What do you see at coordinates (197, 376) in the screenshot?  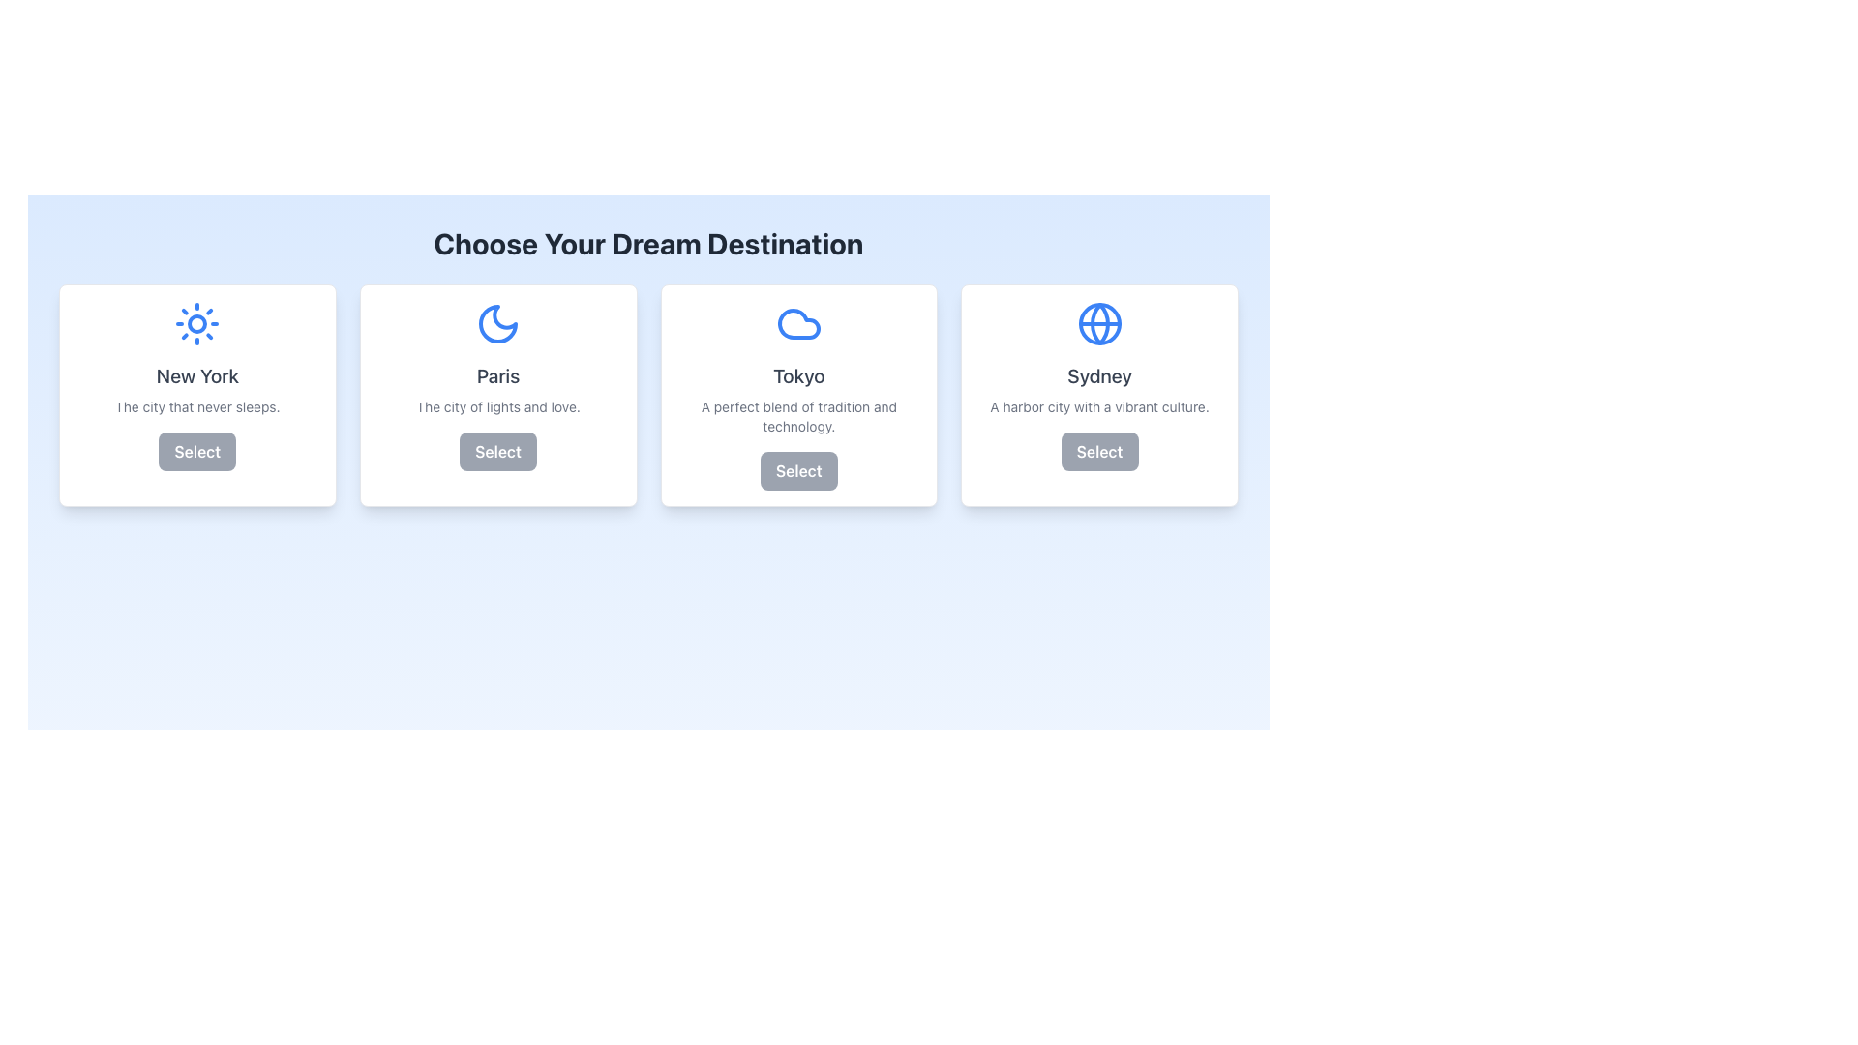 I see `the text label indicating the name of the featured city, 'New York', which is positioned in the first card from the left in a grid of four cards, centered horizontally below the sun icon` at bounding box center [197, 376].